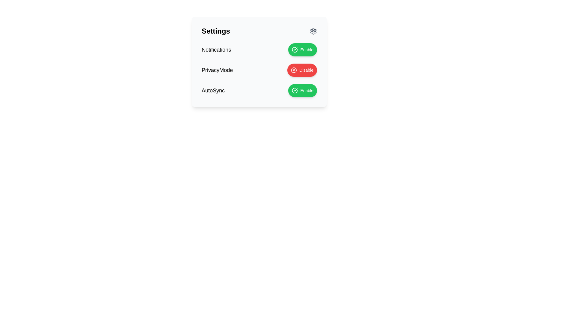  Describe the element at coordinates (303, 49) in the screenshot. I see `the 'Enable' button, which is a rounded rectangular button with a green background and white text, located in the 'Settings' interface next to the 'Notifications' label` at that location.